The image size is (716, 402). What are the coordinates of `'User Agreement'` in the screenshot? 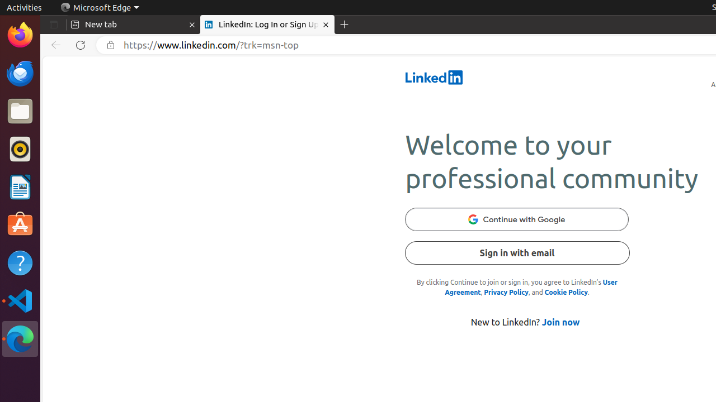 It's located at (530, 286).